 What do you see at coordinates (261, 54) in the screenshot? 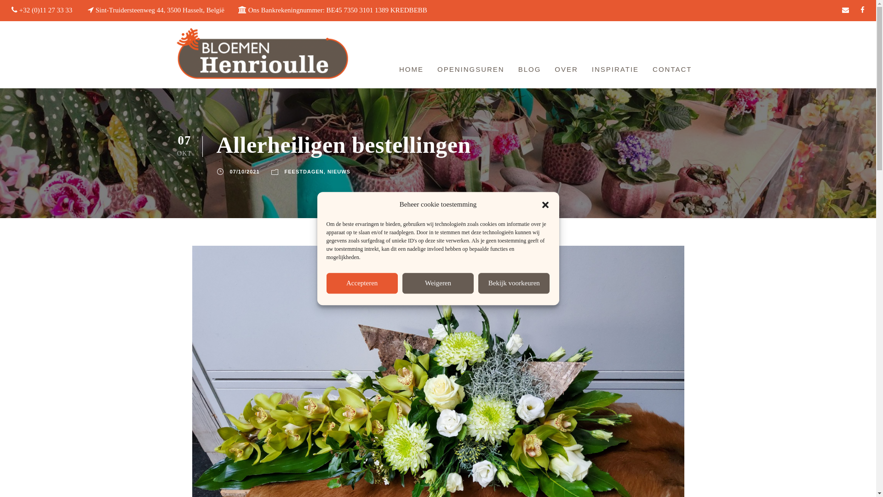
I see `'logo-henrioulle'` at bounding box center [261, 54].